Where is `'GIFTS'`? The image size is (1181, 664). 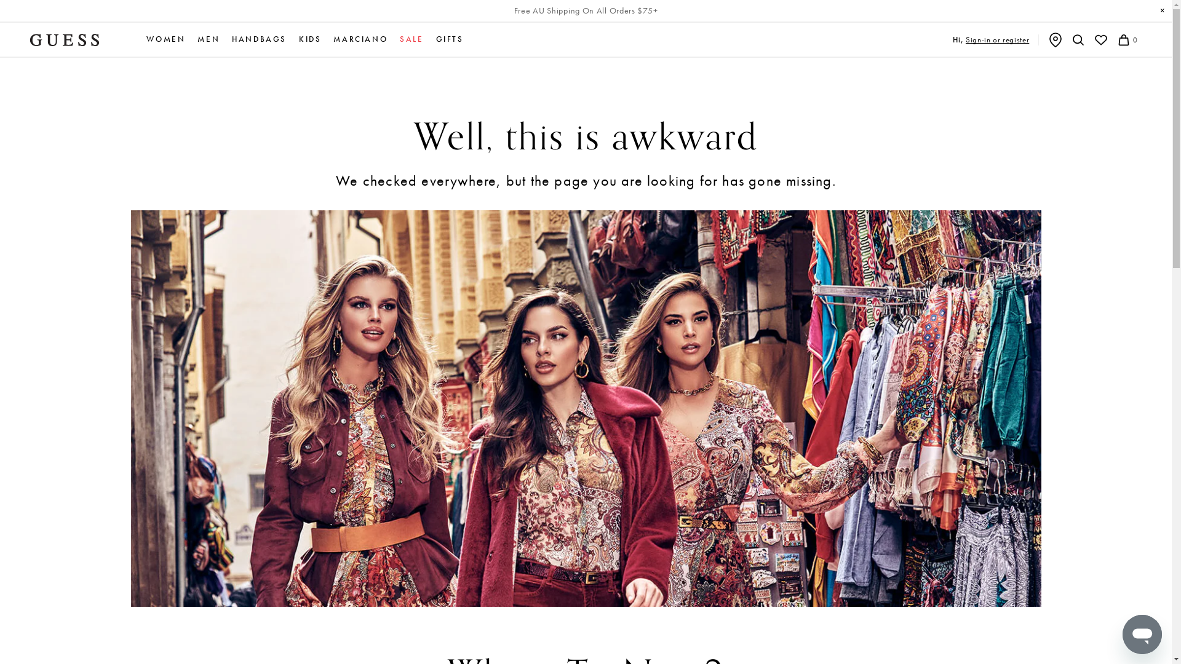 'GIFTS' is located at coordinates (449, 39).